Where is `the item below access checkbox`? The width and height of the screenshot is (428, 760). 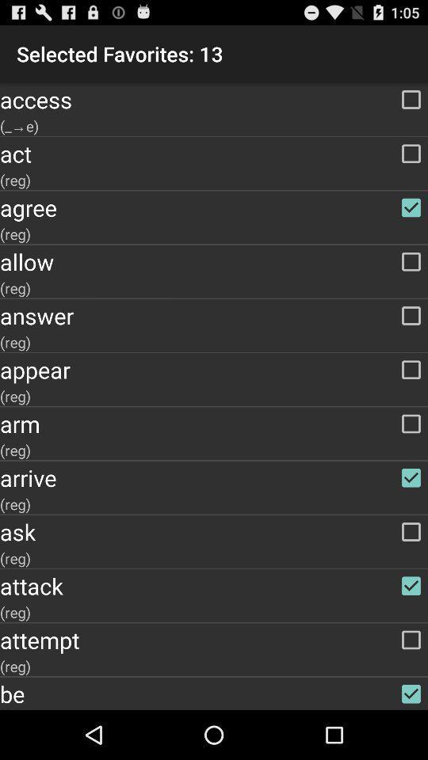
the item below access checkbox is located at coordinates (214, 125).